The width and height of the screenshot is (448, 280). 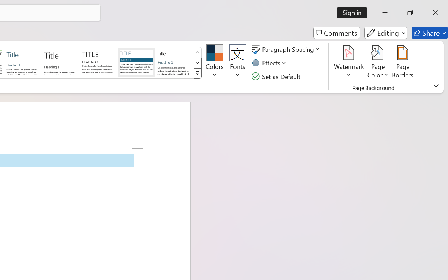 What do you see at coordinates (98, 62) in the screenshot?
I see `'Minimalist'` at bounding box center [98, 62].